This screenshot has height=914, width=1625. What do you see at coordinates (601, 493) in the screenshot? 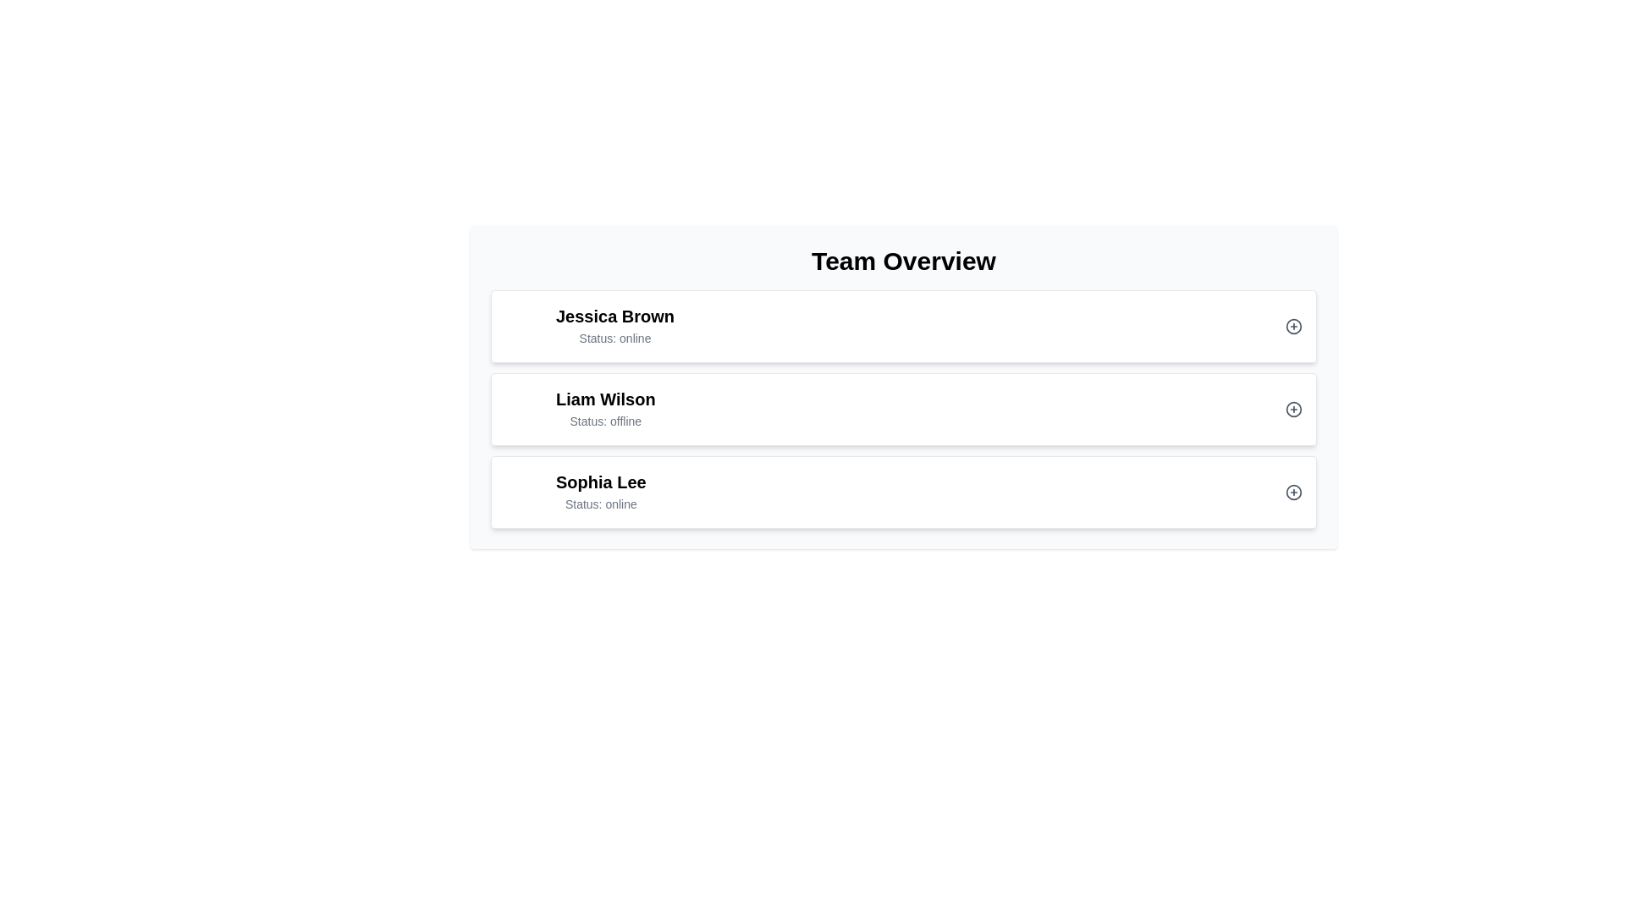
I see `the informational text block displaying 'Sophia Lee' with the status 'Status: online'` at bounding box center [601, 493].